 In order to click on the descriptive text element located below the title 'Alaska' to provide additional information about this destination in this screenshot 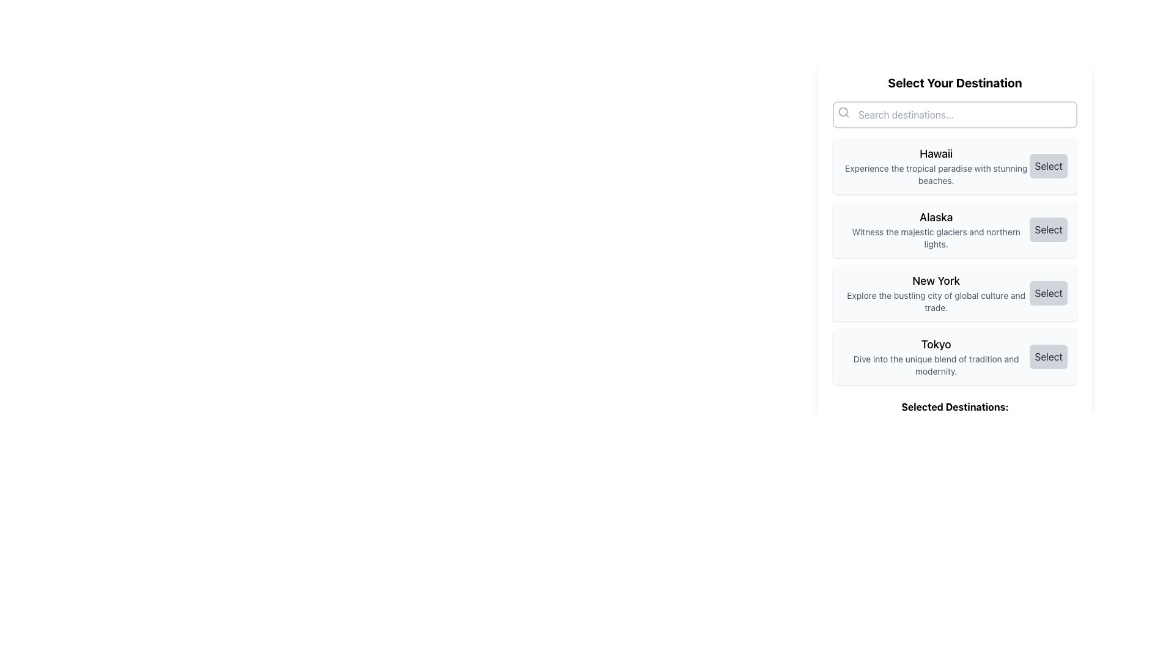, I will do `click(936, 238)`.